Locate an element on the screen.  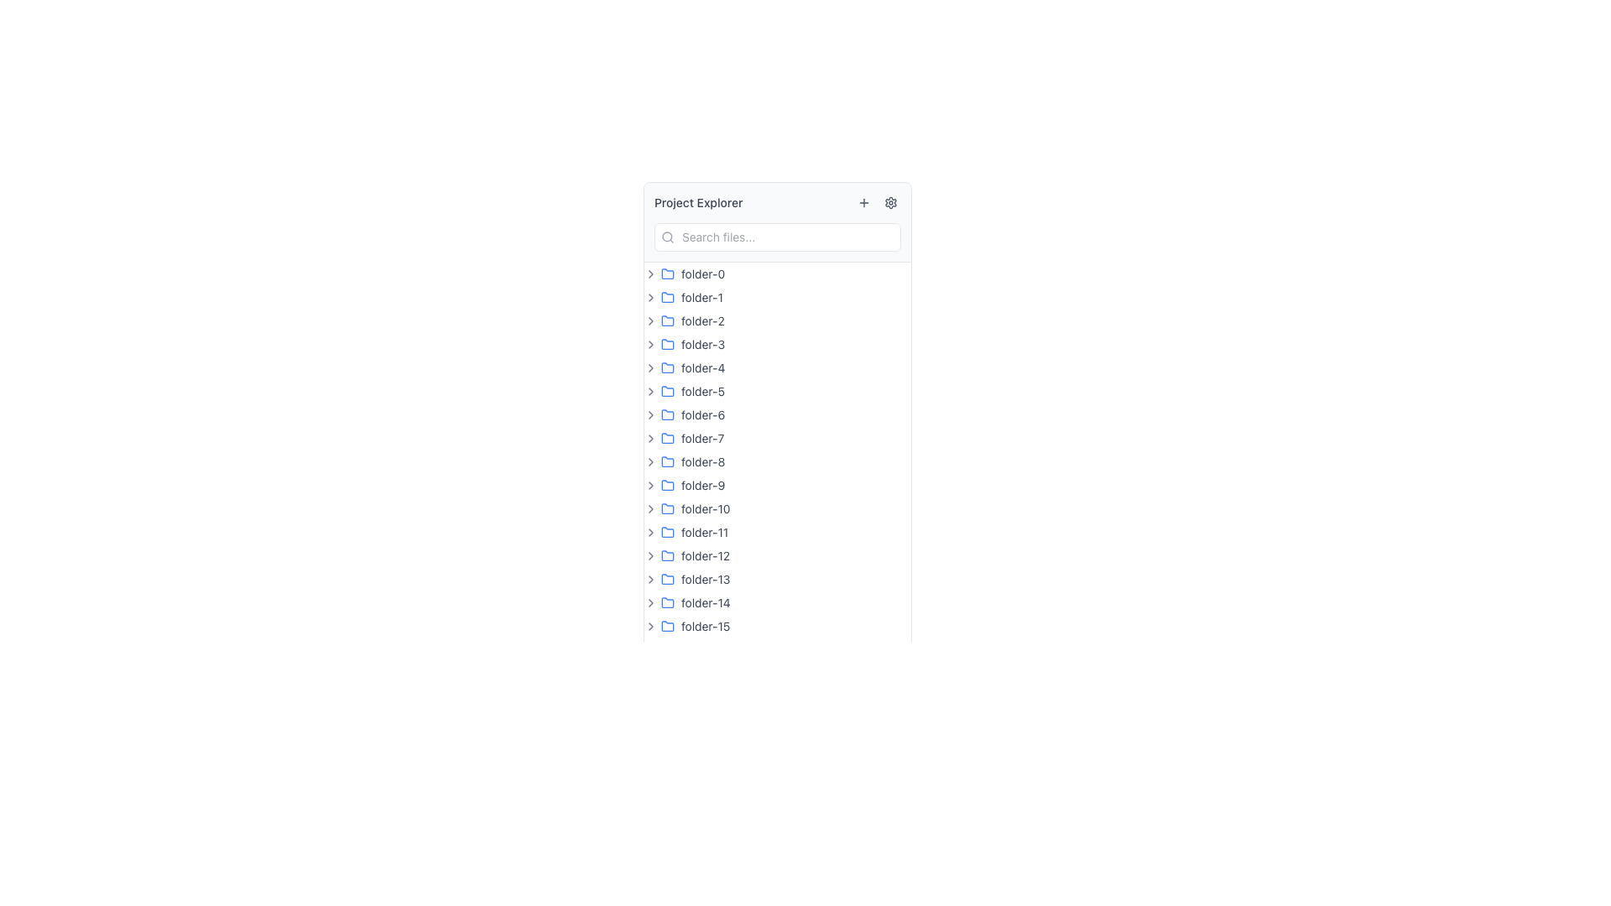
the folder icon representing 'folder-2' in the Project Explorer is located at coordinates (667, 320).